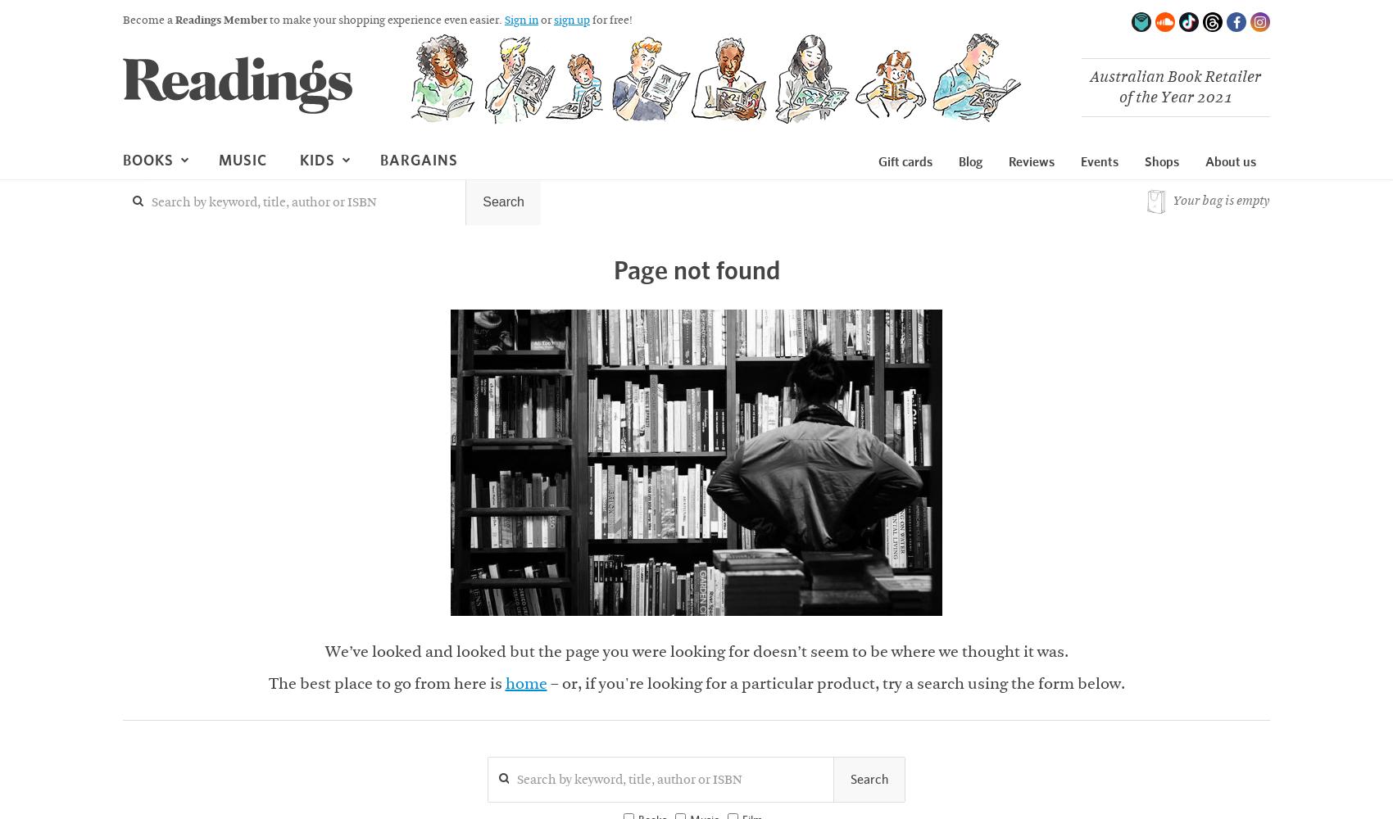  Describe the element at coordinates (868, 778) in the screenshot. I see `'Search'` at that location.